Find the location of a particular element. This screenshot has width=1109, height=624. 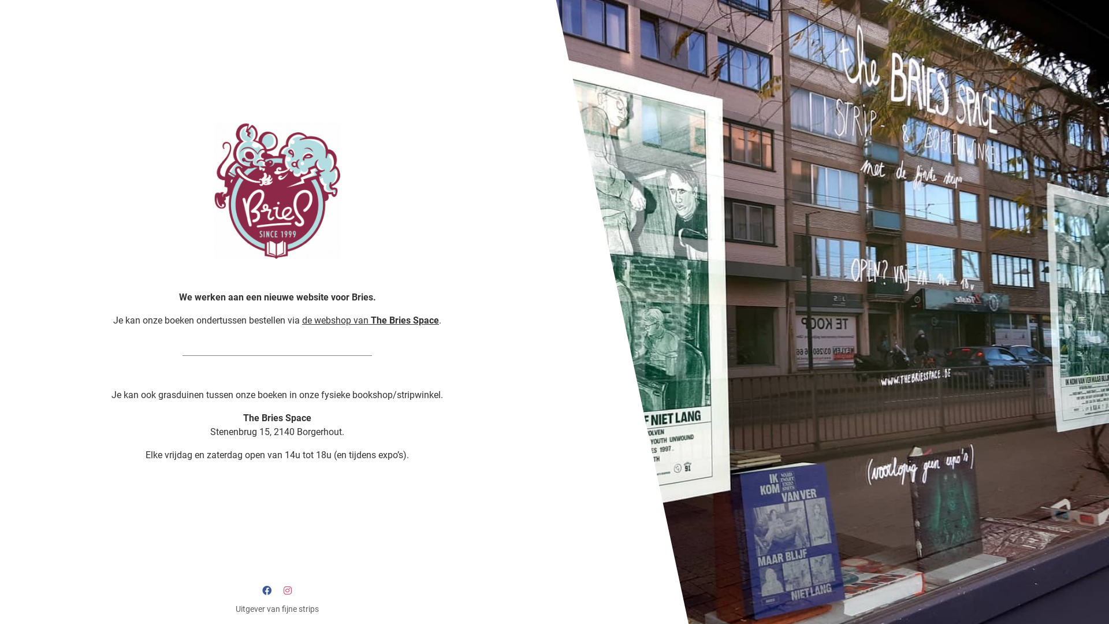

'de webshop van The Bries Space' is located at coordinates (370, 320).